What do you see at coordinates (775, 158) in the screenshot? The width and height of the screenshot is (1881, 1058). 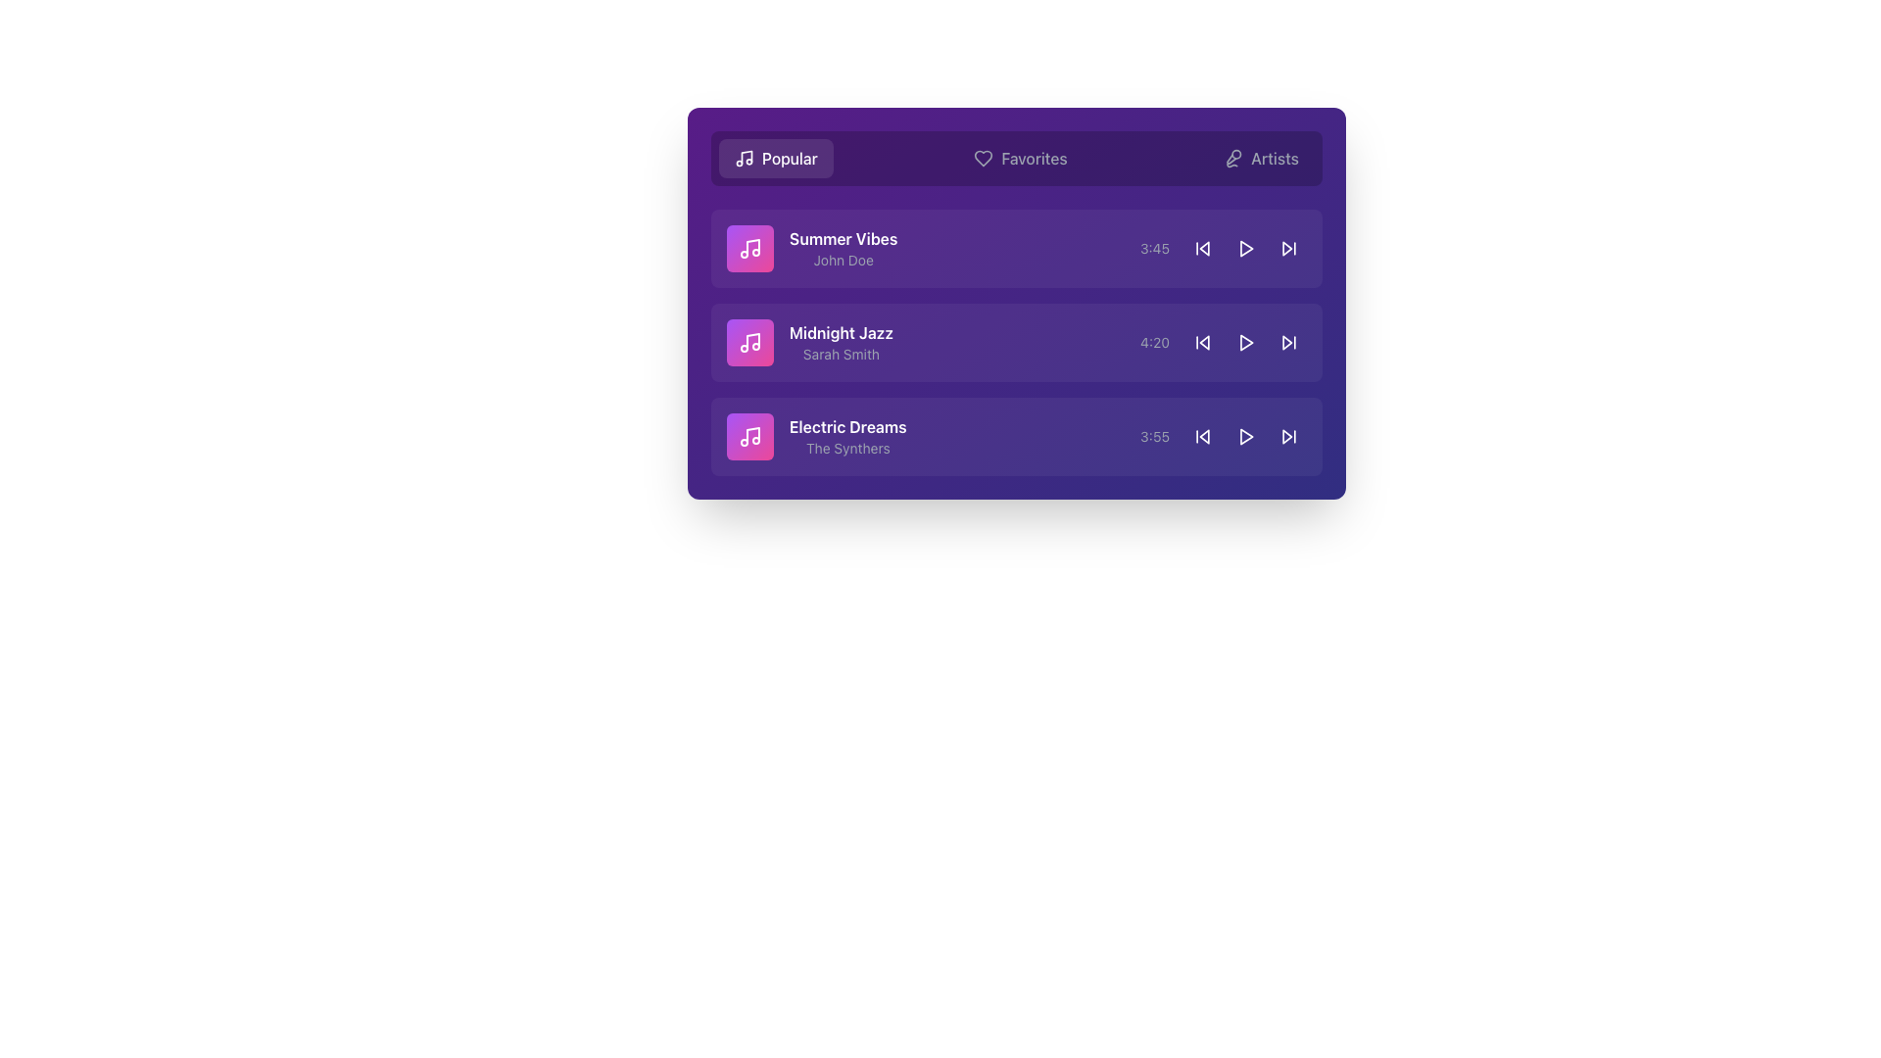 I see `the 'Popular' button, which is a rectangular button with rounded corners, styled in lighter purple color, featuring a music note icon and white text. It is the first button in the navigation bar at the top of the content panel` at bounding box center [775, 158].